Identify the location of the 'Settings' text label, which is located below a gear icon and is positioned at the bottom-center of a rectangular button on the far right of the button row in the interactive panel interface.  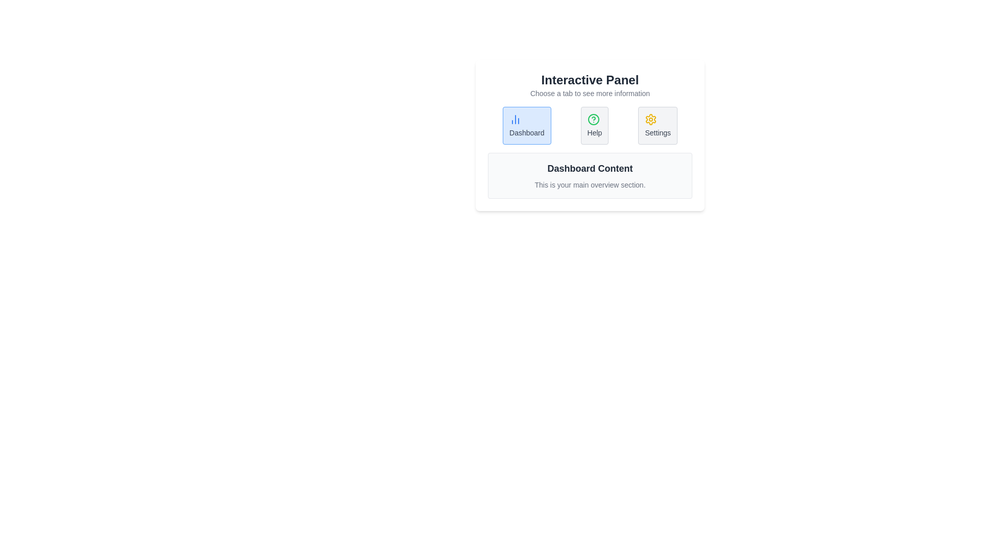
(658, 132).